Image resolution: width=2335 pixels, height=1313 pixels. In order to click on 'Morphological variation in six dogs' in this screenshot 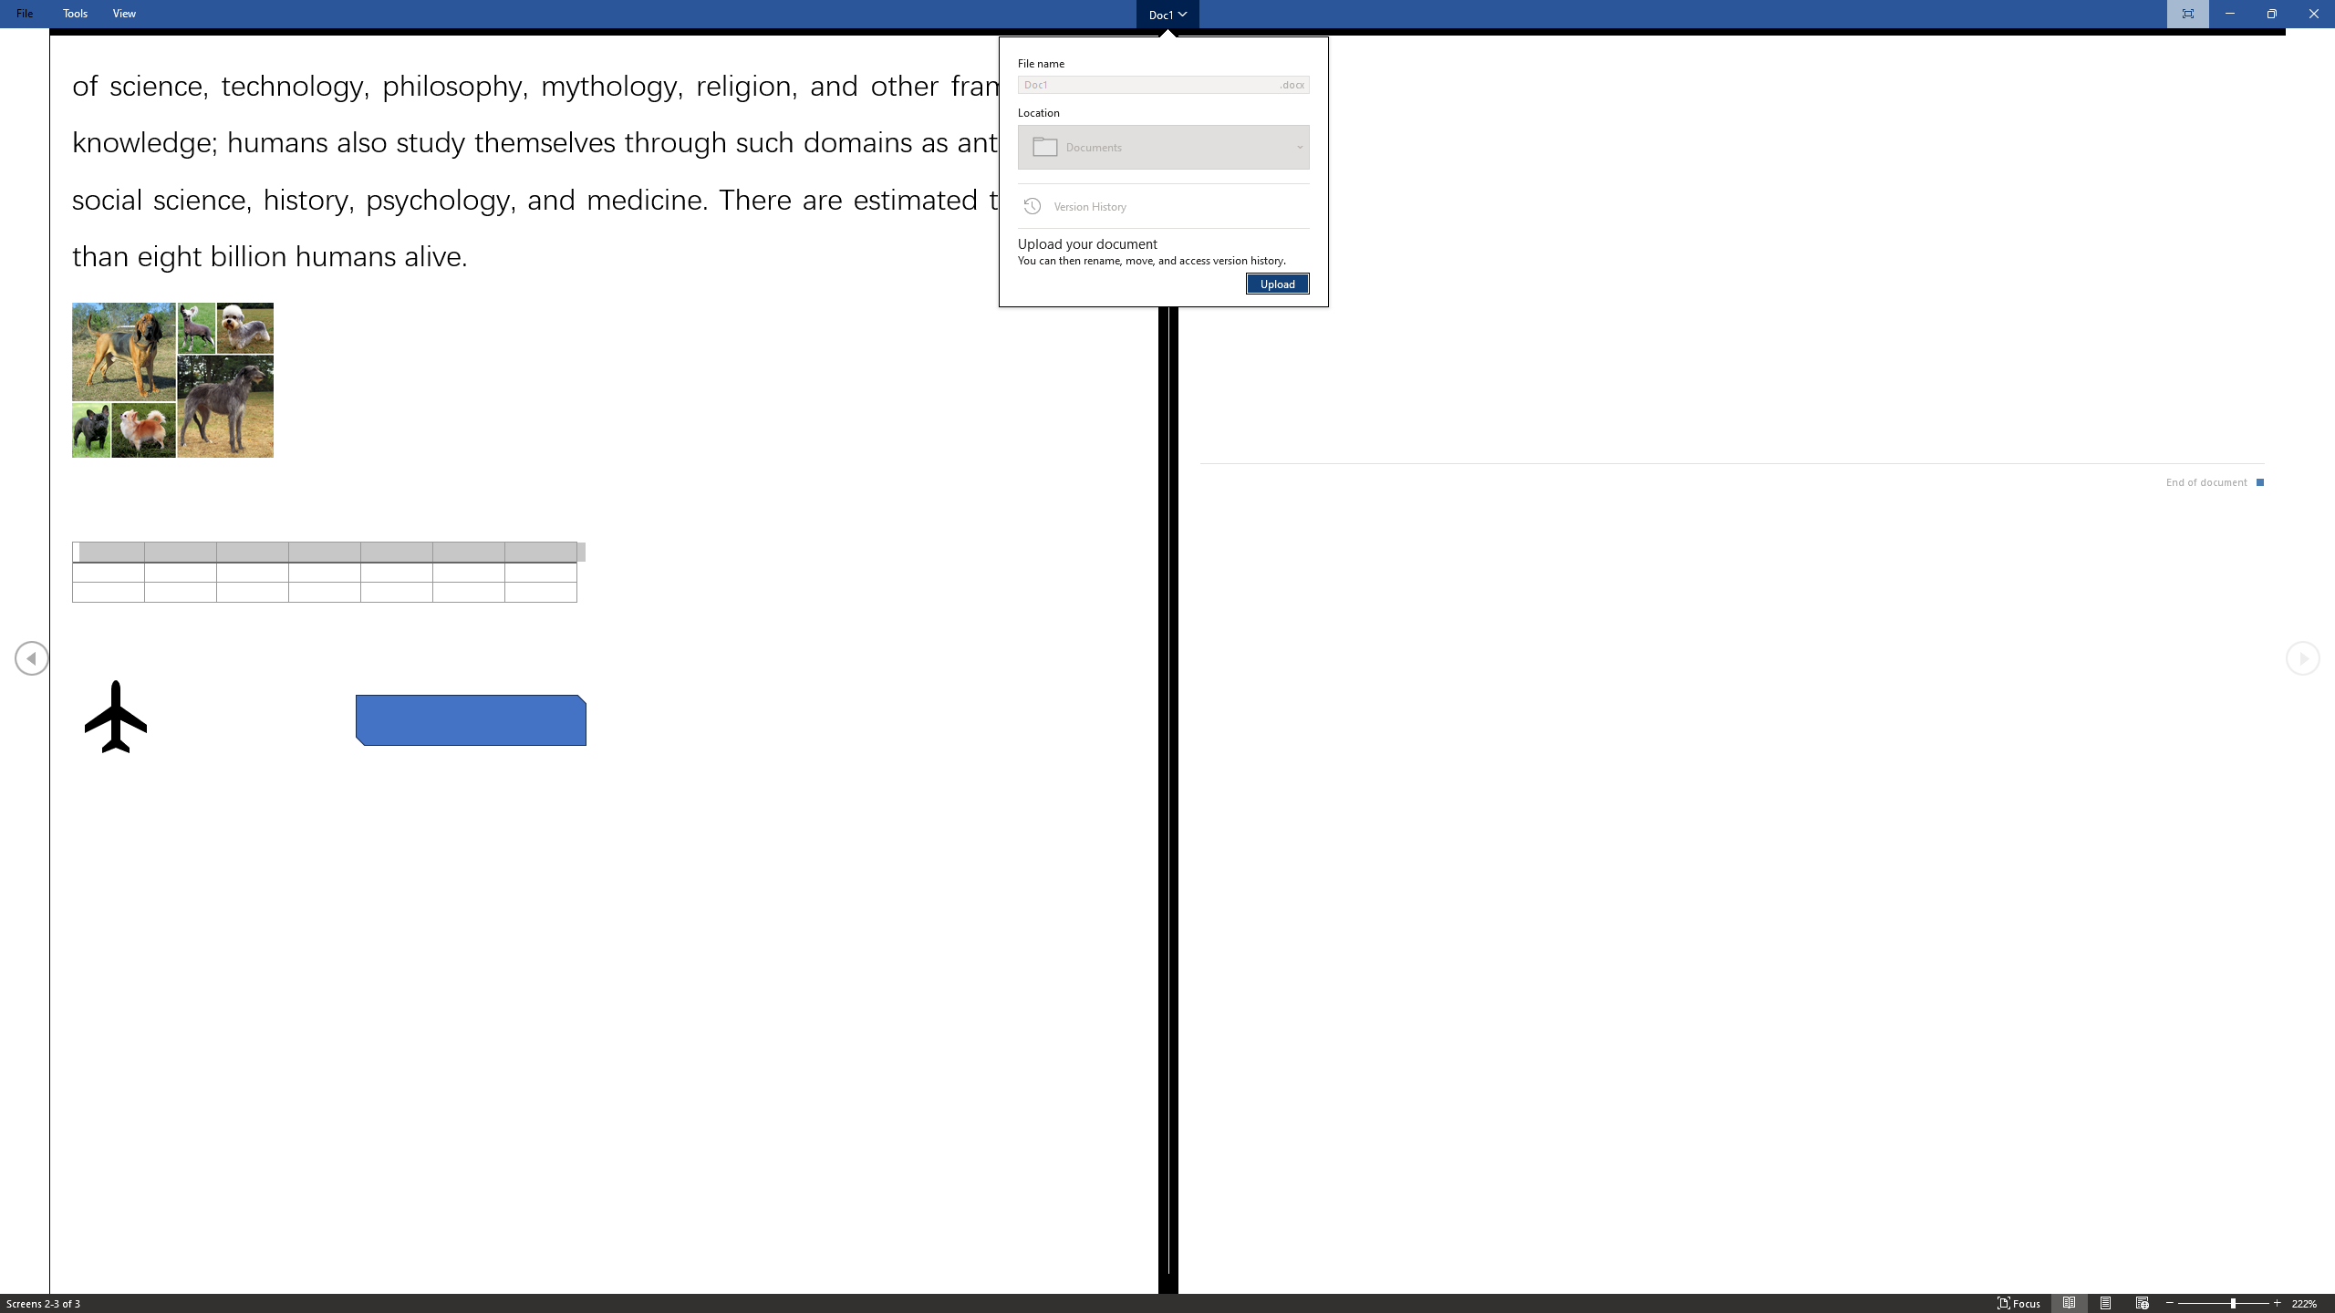, I will do `click(171, 380)`.